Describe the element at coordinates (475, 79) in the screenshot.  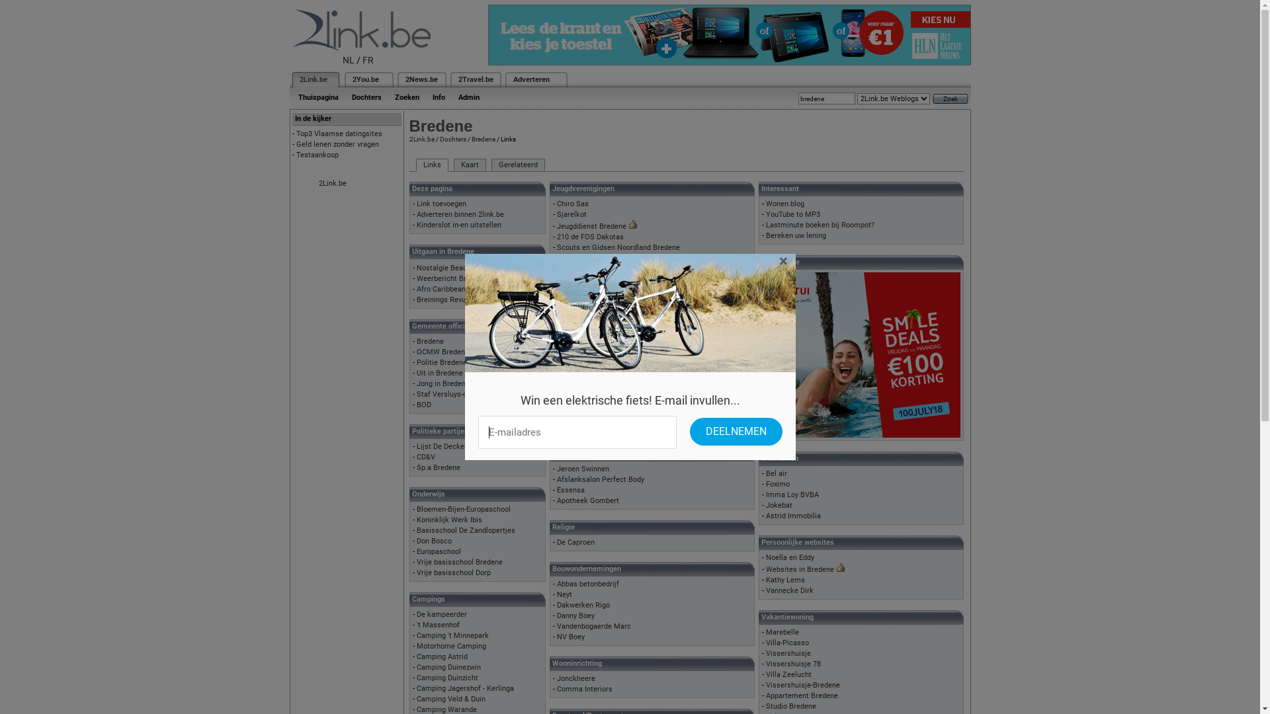
I see `'2Travel.be'` at that location.